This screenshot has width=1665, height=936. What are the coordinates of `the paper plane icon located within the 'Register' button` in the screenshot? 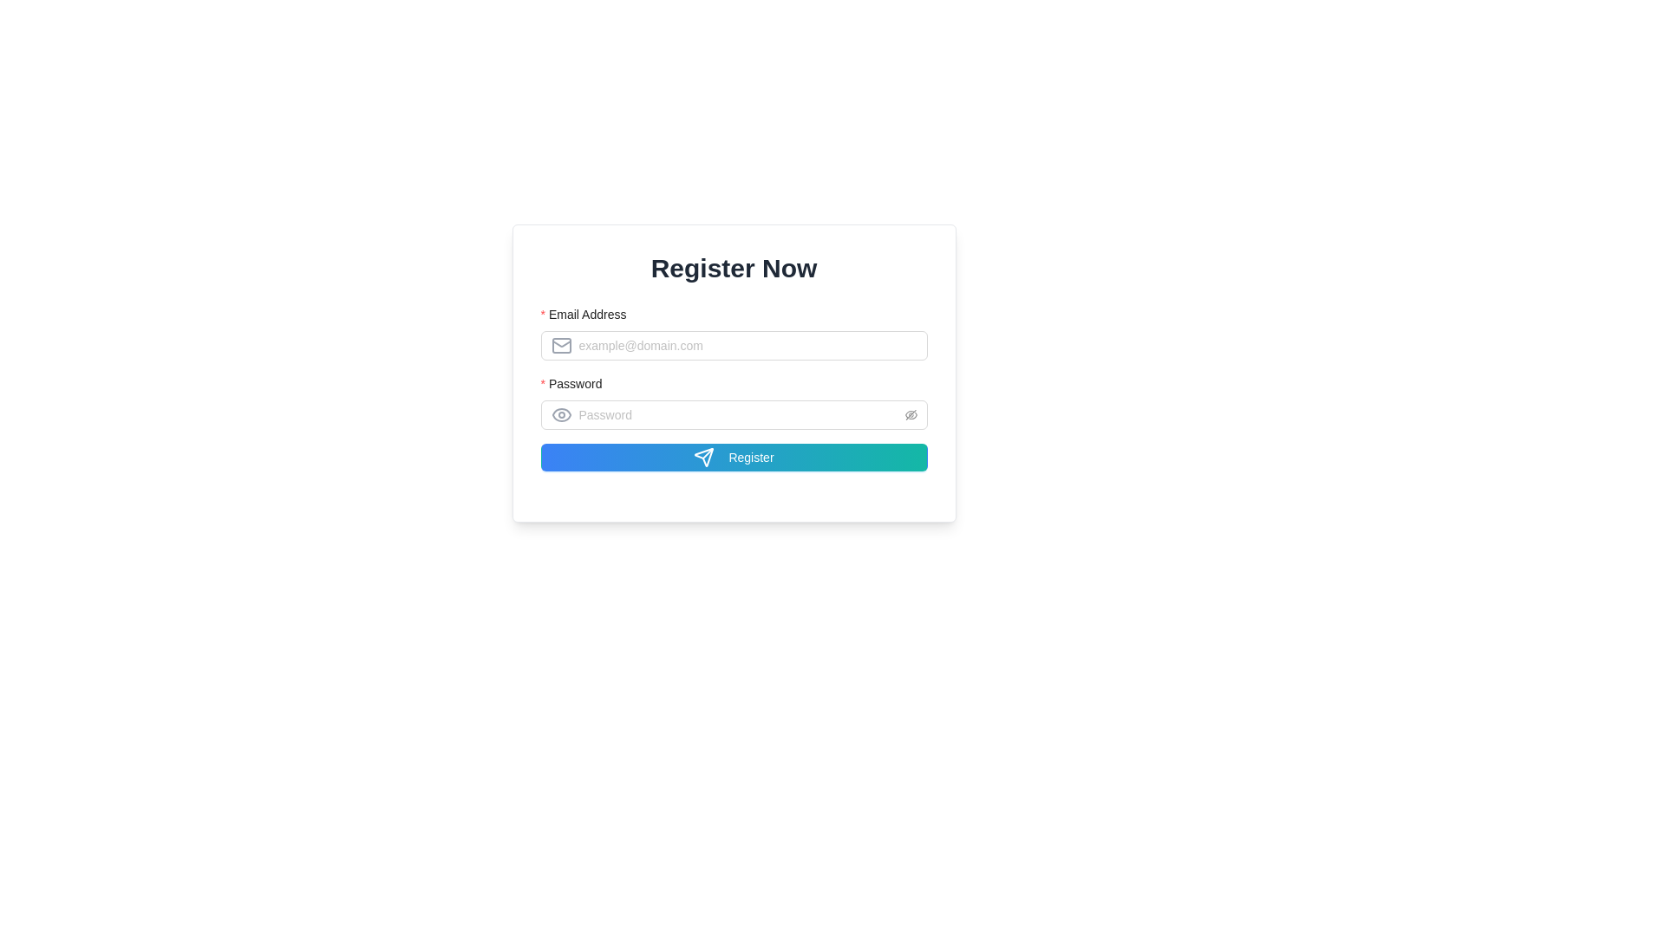 It's located at (704, 457).